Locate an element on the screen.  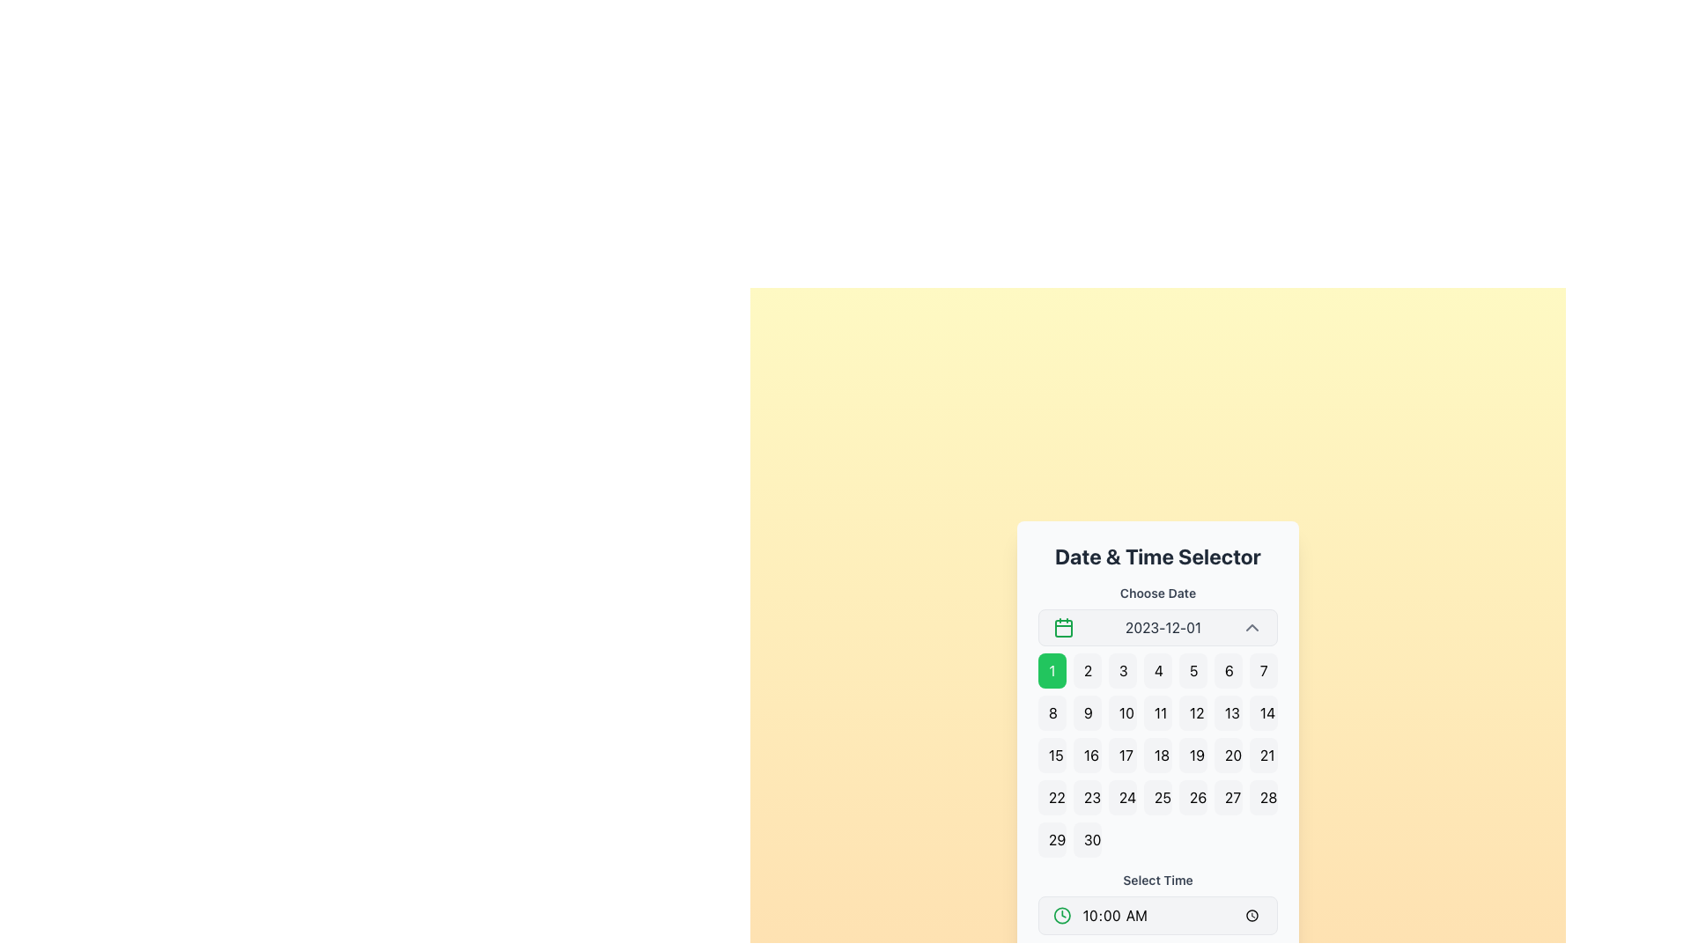
the selectable date button in the calendar interface, which is the fifth item in the first row is located at coordinates (1193, 671).